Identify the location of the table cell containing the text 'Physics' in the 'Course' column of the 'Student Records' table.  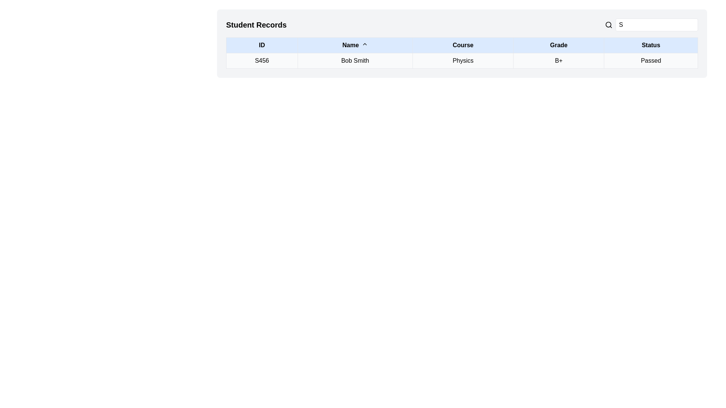
(462, 60).